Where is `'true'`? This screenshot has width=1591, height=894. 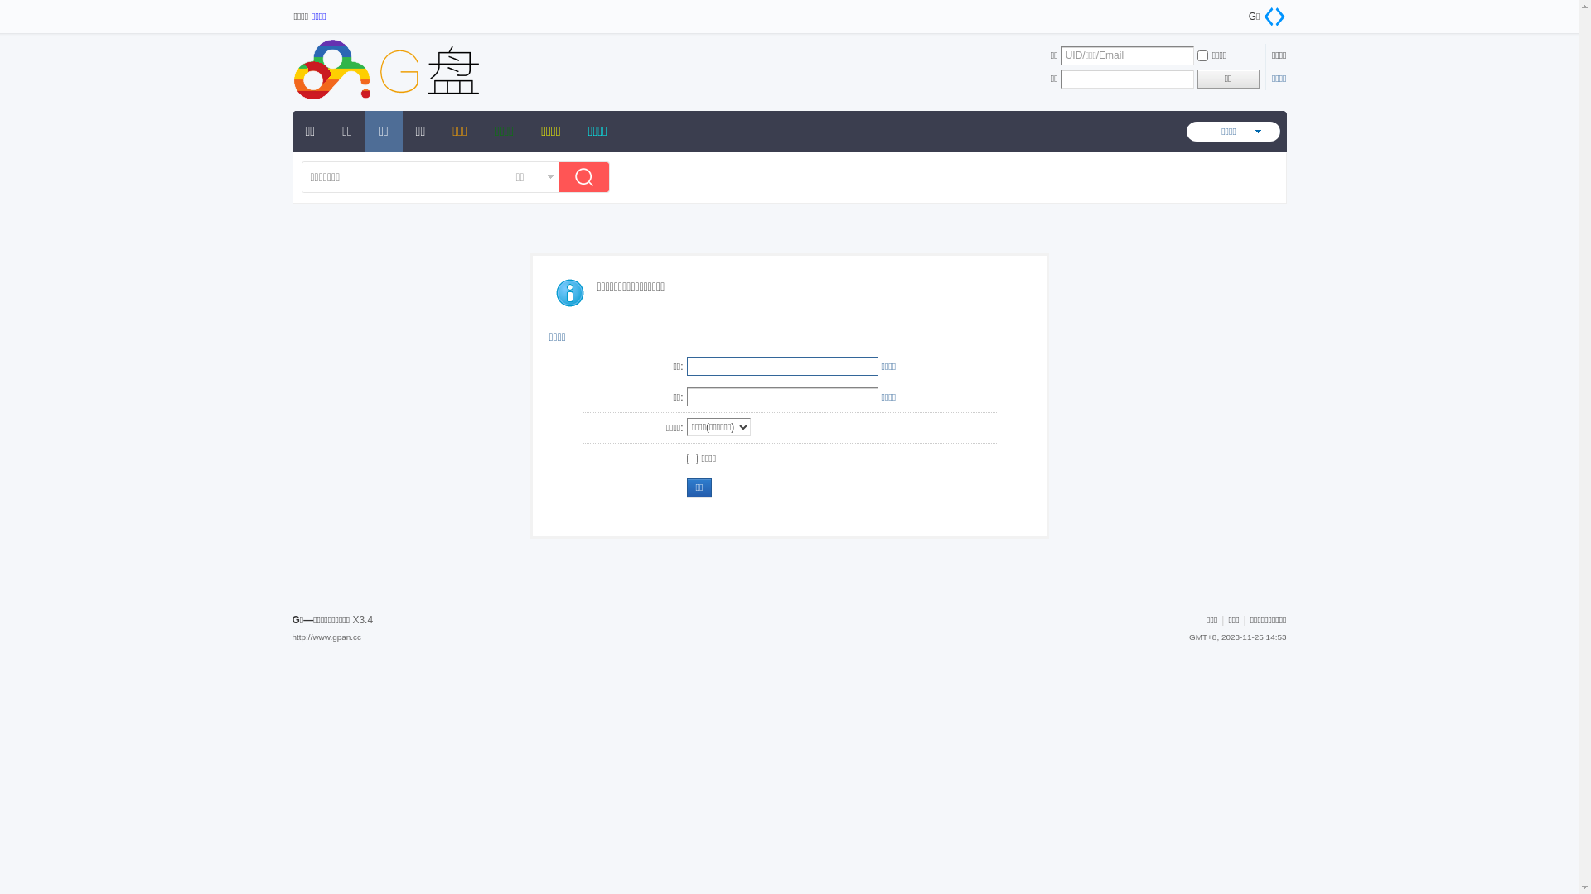
'true' is located at coordinates (588, 179).